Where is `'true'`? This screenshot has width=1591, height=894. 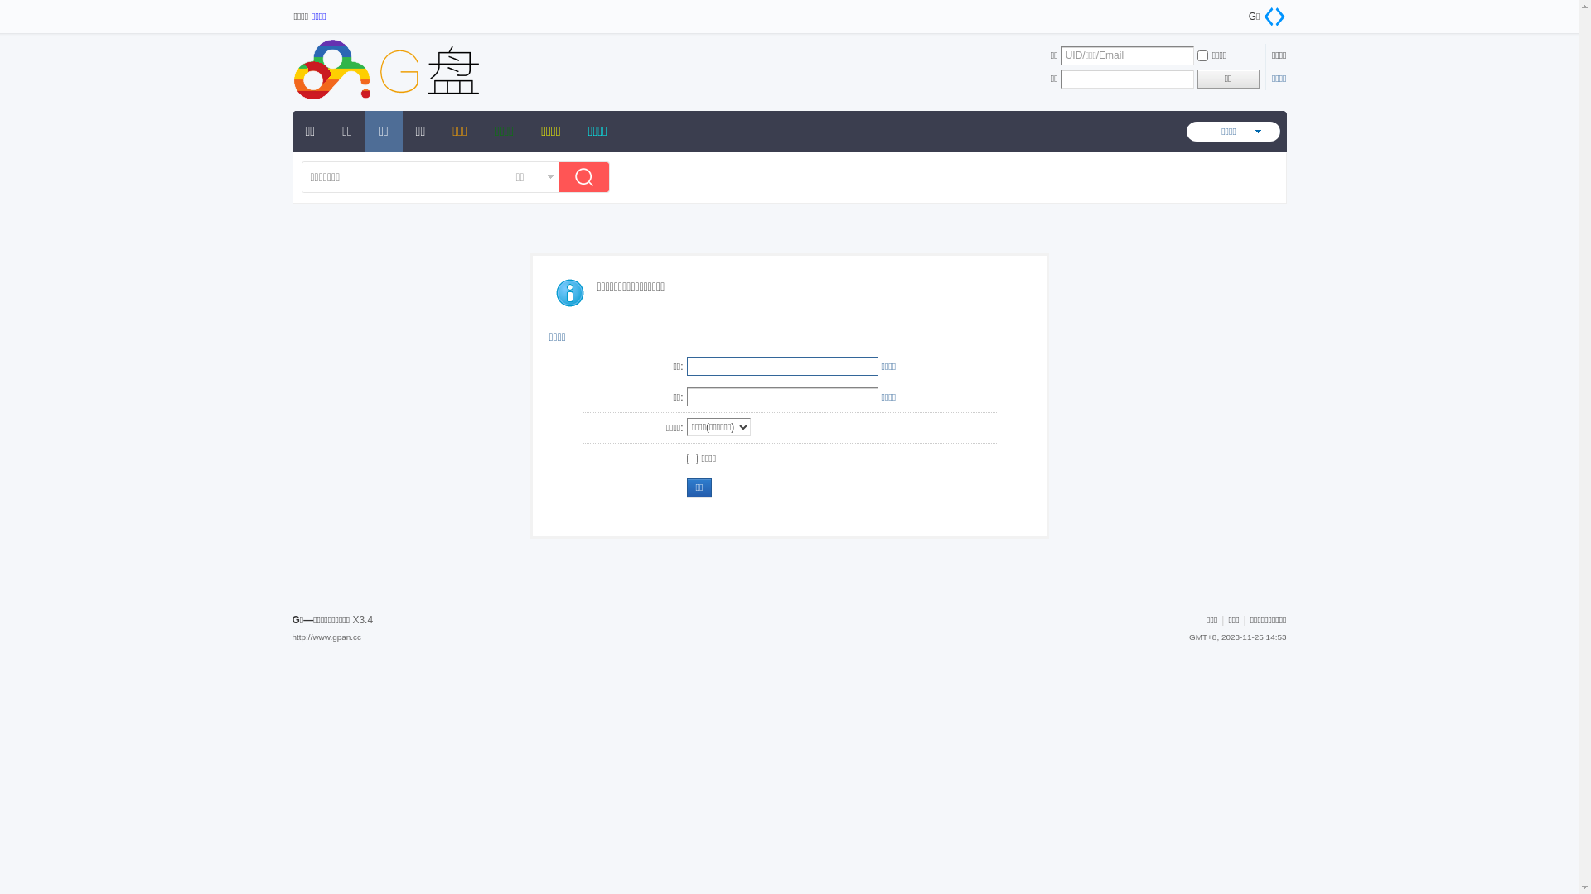
'true' is located at coordinates (588, 179).